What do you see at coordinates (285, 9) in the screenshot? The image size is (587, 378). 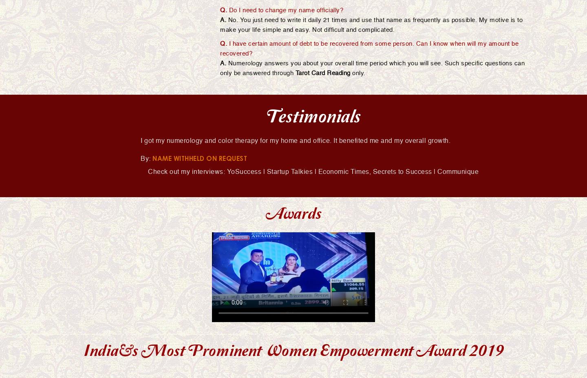 I see `'Do I need to change my name officially?'` at bounding box center [285, 9].